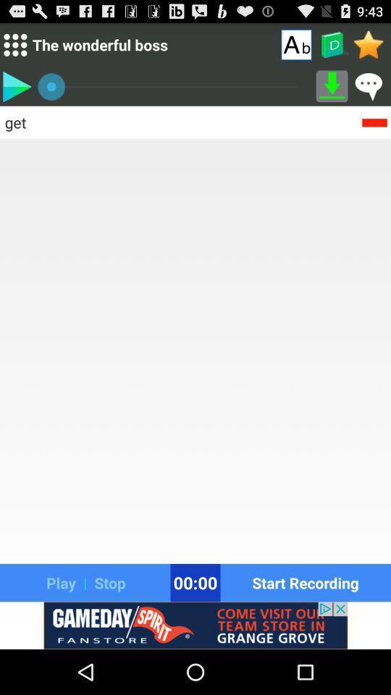 This screenshot has width=391, height=695. I want to click on fonts, so click(295, 44).